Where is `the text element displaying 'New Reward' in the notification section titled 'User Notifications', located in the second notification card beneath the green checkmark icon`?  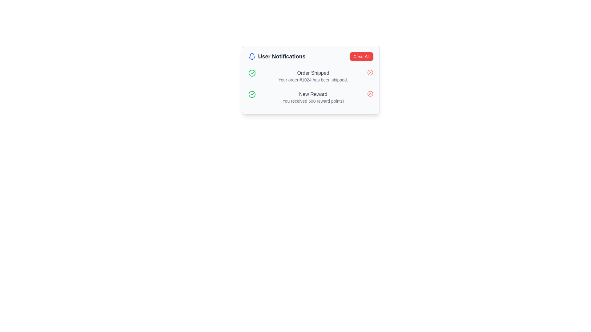 the text element displaying 'New Reward' in the notification section titled 'User Notifications', located in the second notification card beneath the green checkmark icon is located at coordinates (313, 94).